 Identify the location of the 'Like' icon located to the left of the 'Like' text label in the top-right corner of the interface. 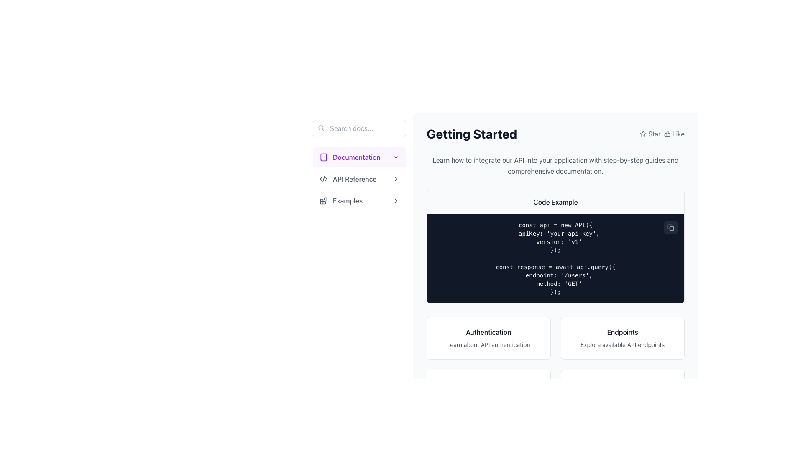
(667, 134).